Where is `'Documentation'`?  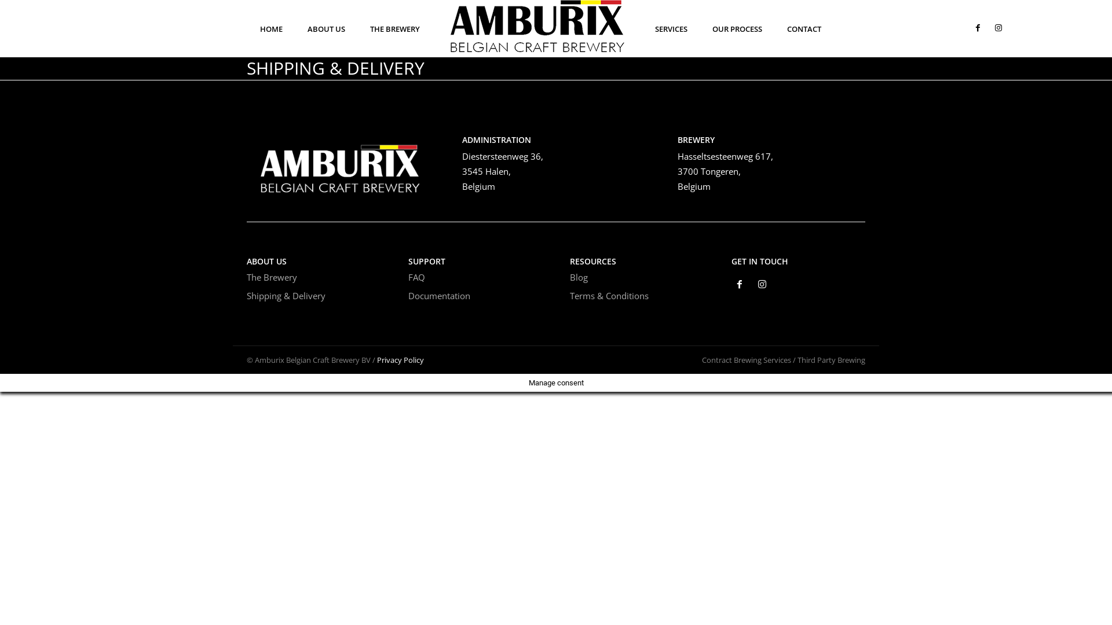
'Documentation' is located at coordinates (408, 295).